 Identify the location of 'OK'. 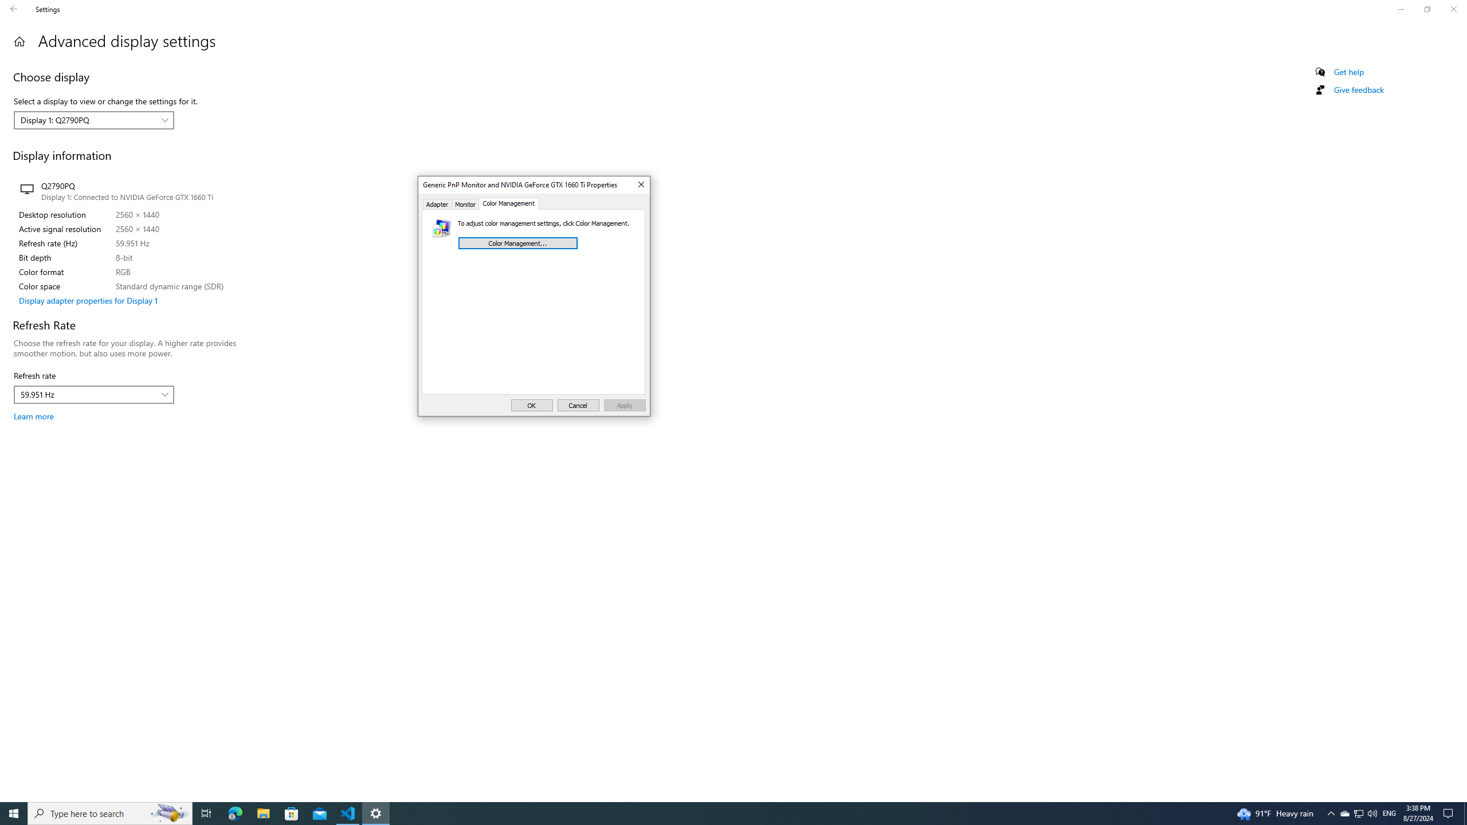
(532, 404).